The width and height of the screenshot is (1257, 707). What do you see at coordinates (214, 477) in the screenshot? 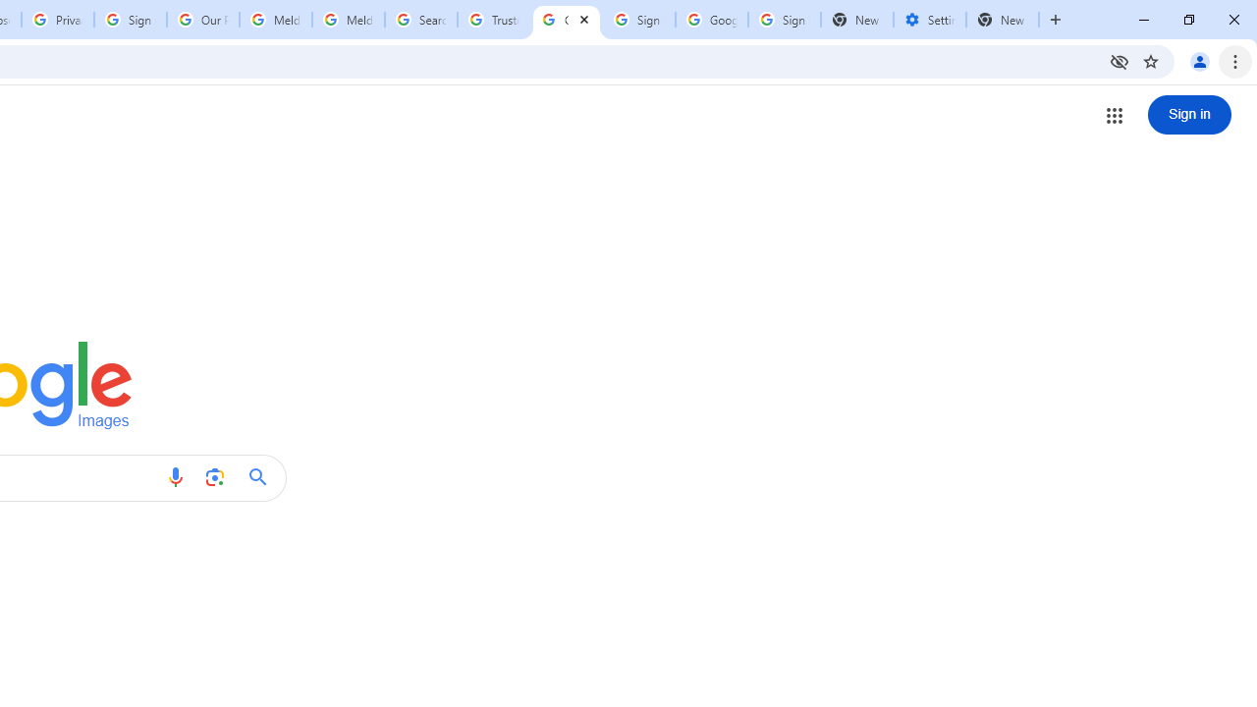
I see `'Search by image'` at bounding box center [214, 477].